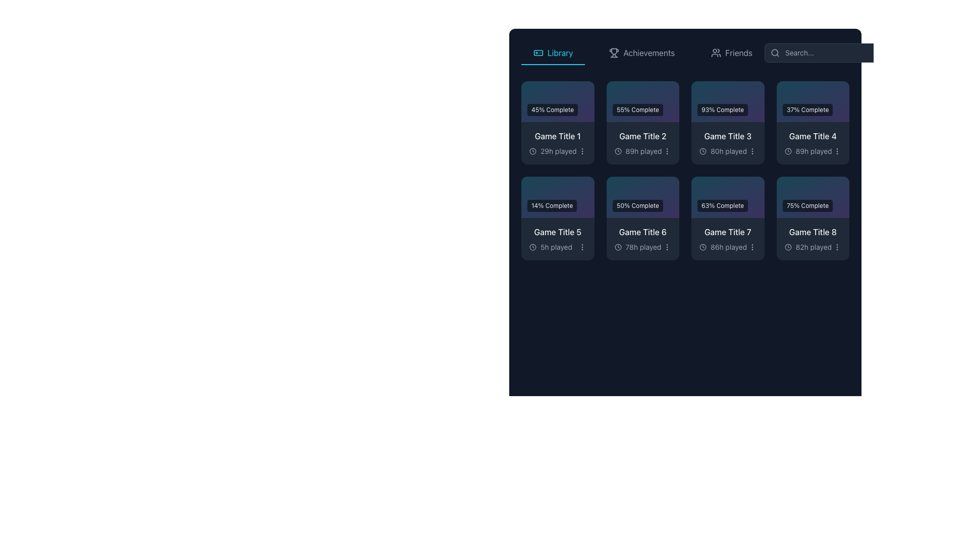 The height and width of the screenshot is (545, 969). Describe the element at coordinates (807, 205) in the screenshot. I see `the label displaying '75% Complete' in white text, which is located in the bottom-left corner of the card for 'Game Title 8'` at that location.